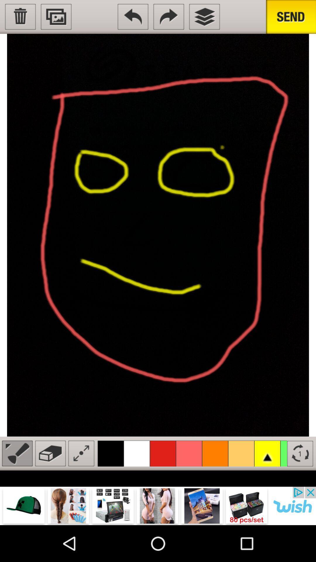 This screenshot has height=562, width=316. What do you see at coordinates (291, 17) in the screenshot?
I see `share the image` at bounding box center [291, 17].